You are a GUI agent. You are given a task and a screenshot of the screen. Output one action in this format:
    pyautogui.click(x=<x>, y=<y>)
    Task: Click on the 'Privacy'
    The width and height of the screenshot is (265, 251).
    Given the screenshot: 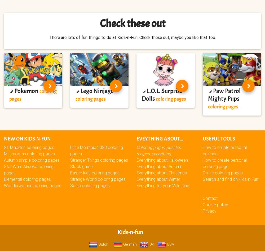 What is the action you would take?
    pyautogui.click(x=210, y=211)
    